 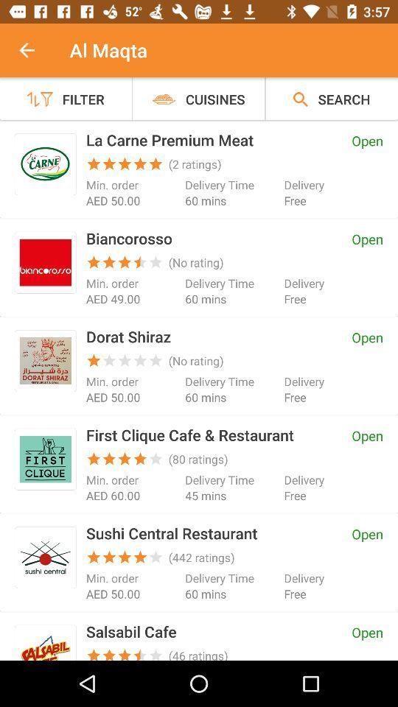 I want to click on click on sushi central restaurant, so click(x=45, y=557).